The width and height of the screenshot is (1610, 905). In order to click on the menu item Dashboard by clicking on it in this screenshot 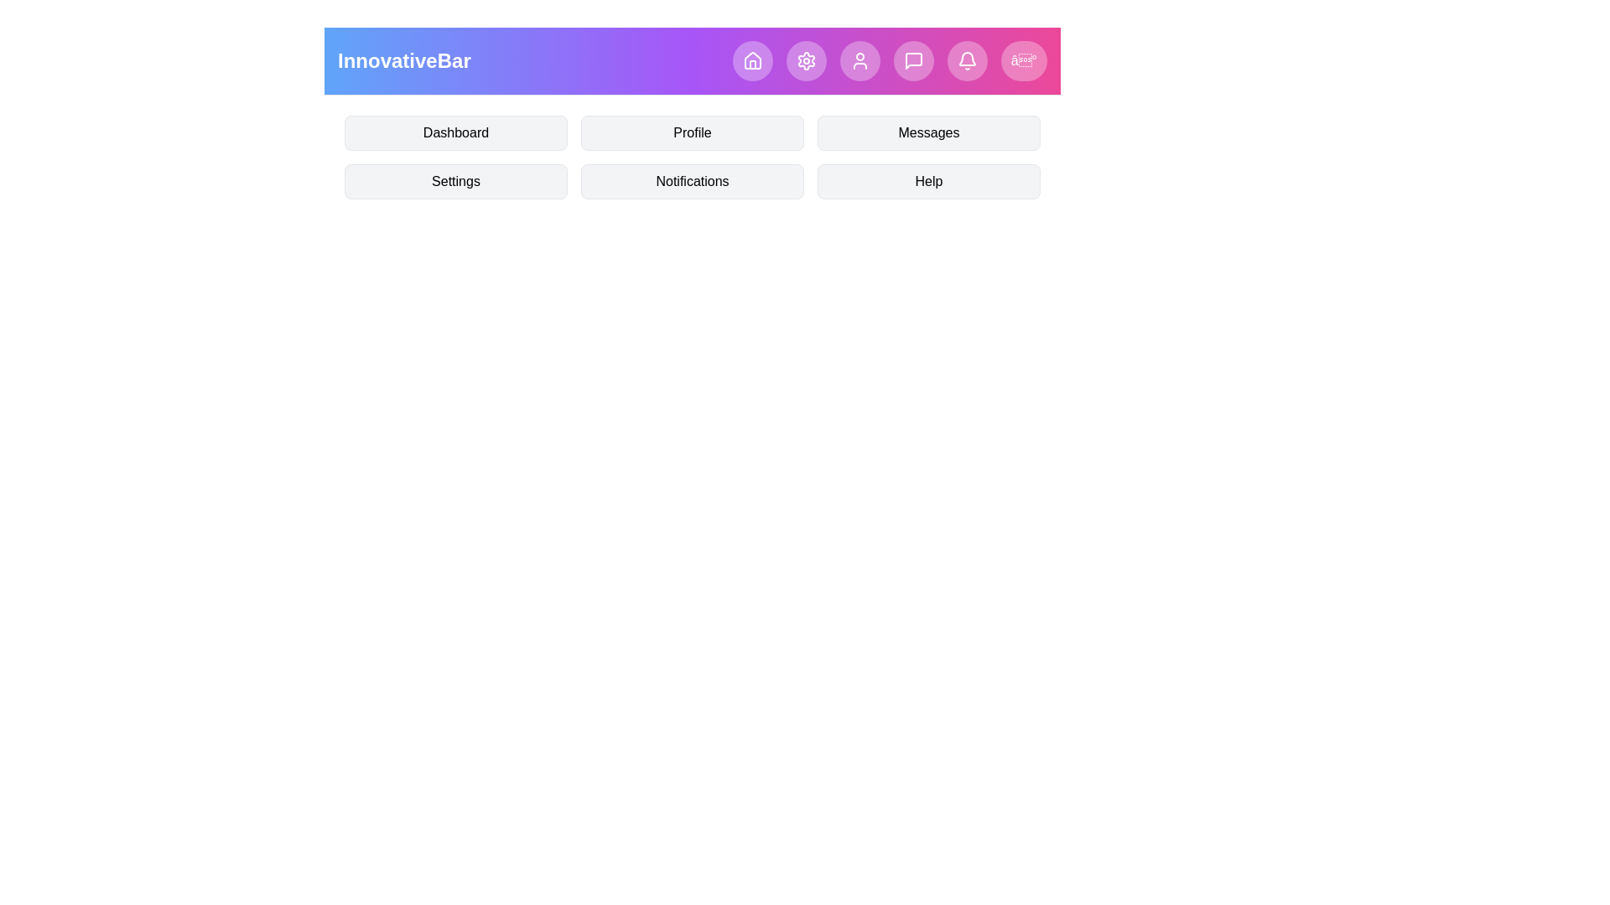, I will do `click(455, 132)`.